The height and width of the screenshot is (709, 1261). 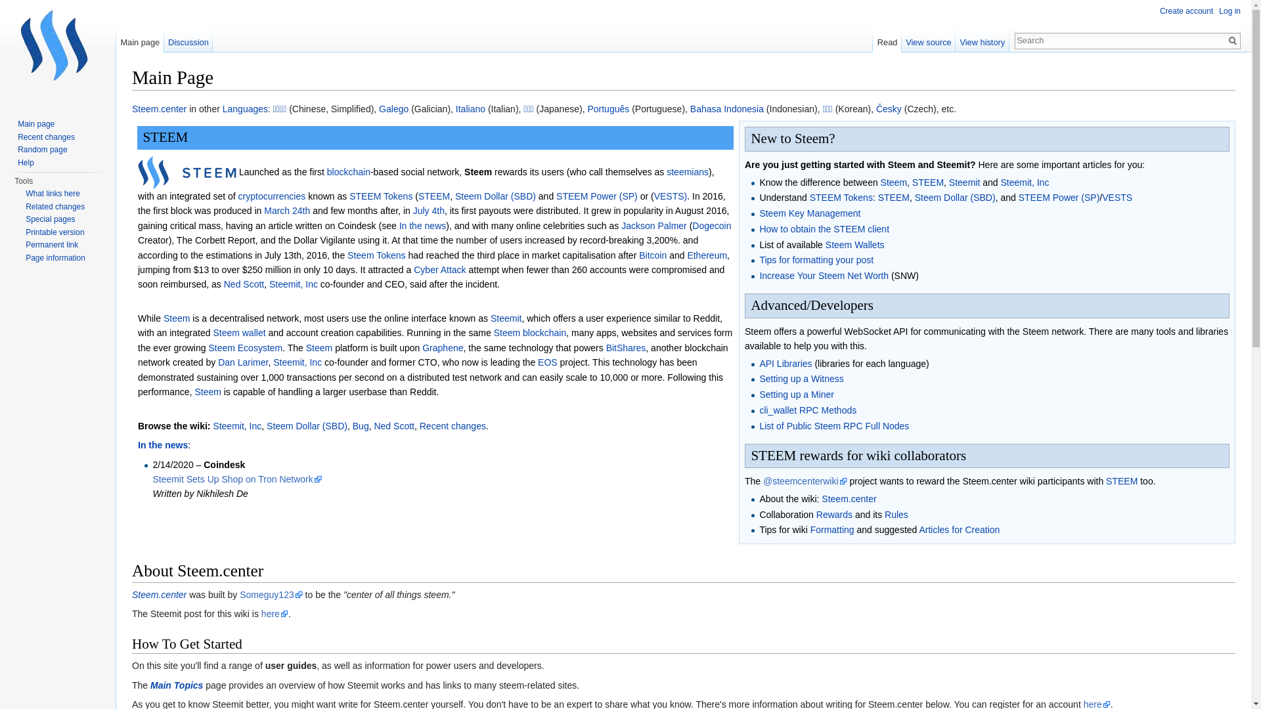 I want to click on 'Recent changes', so click(x=46, y=137).